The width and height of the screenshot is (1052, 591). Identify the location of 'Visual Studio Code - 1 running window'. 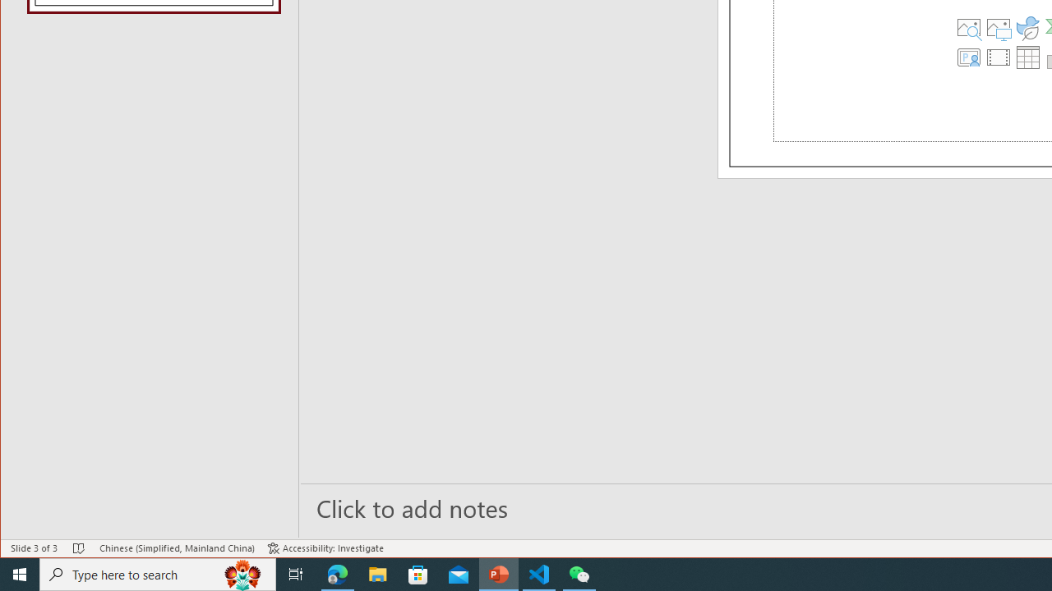
(539, 573).